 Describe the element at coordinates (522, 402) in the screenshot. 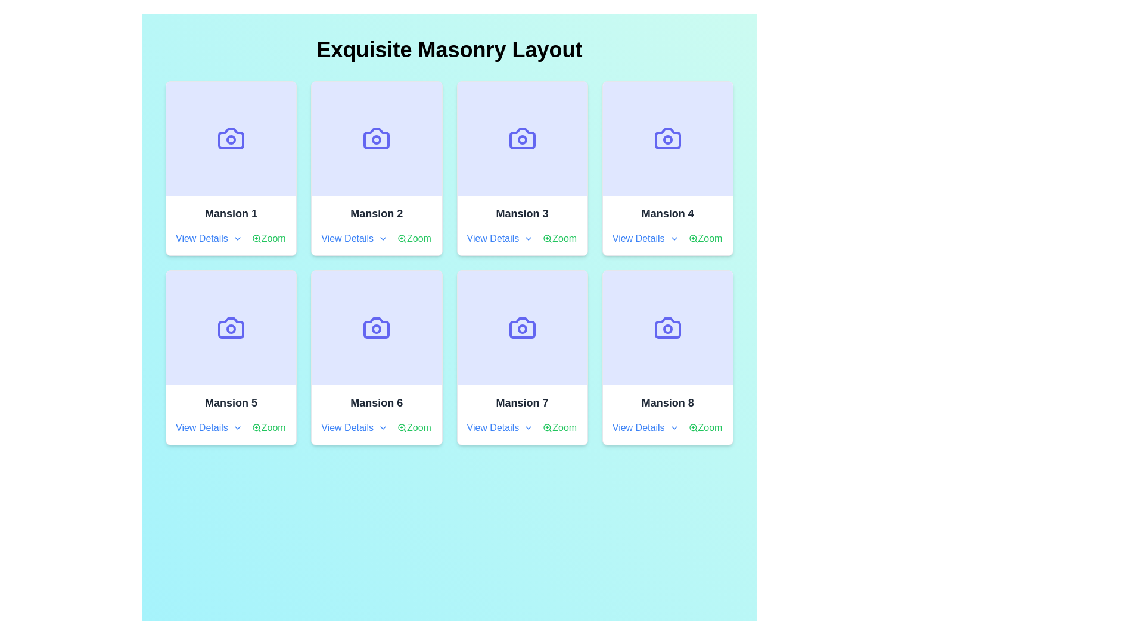

I see `text label 'Mansion 7' which is styled in bold, large font and located in the seventh card of a masonry layout, positioned below a camera icon and above the interactive links 'View Details' and 'Zoom'` at that location.